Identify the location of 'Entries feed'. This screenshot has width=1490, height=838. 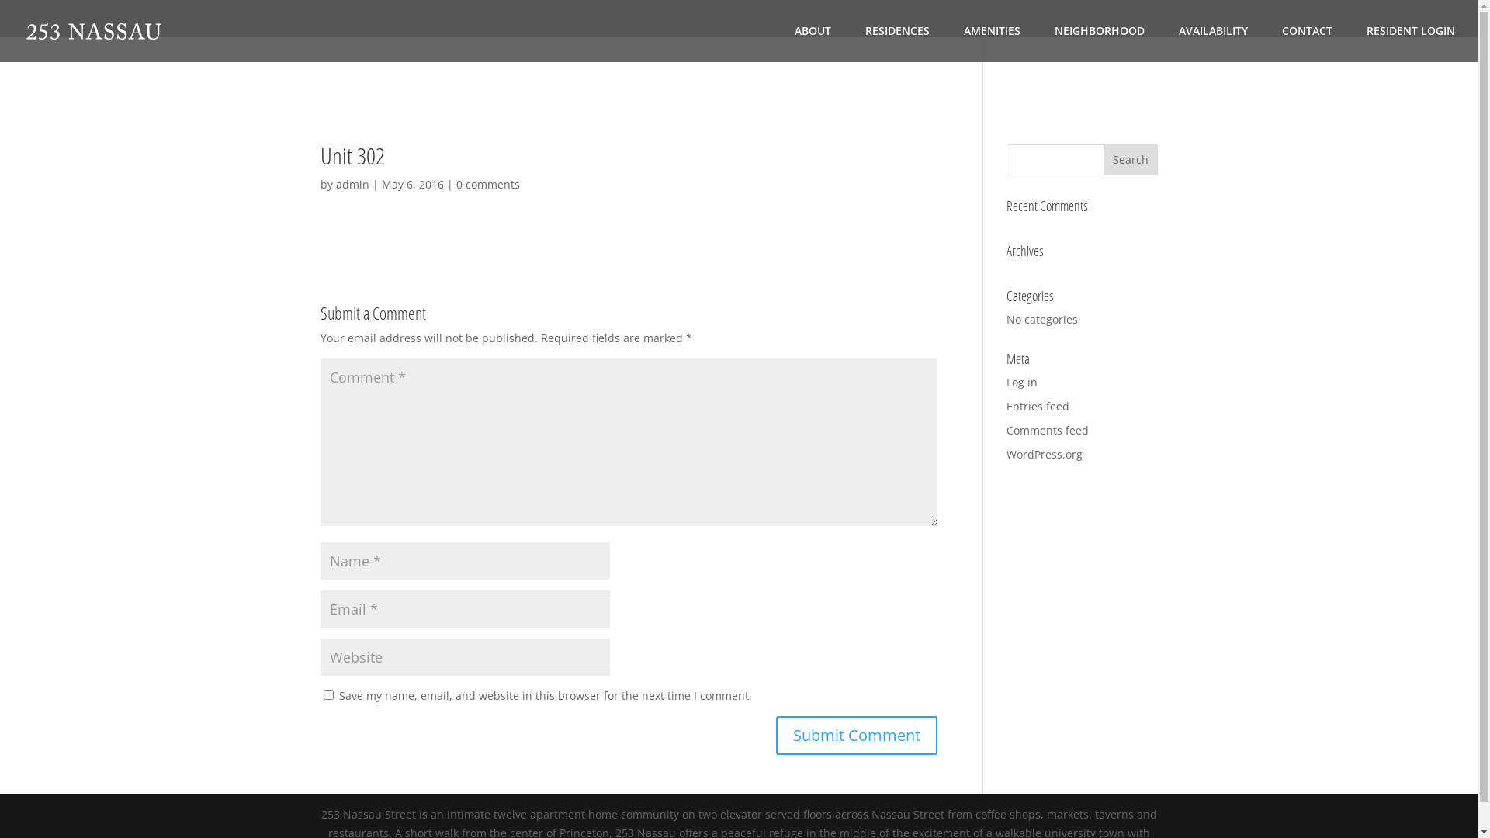
(1006, 405).